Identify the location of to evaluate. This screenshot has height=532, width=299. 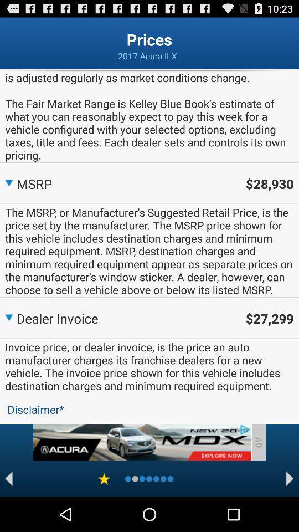
(104, 478).